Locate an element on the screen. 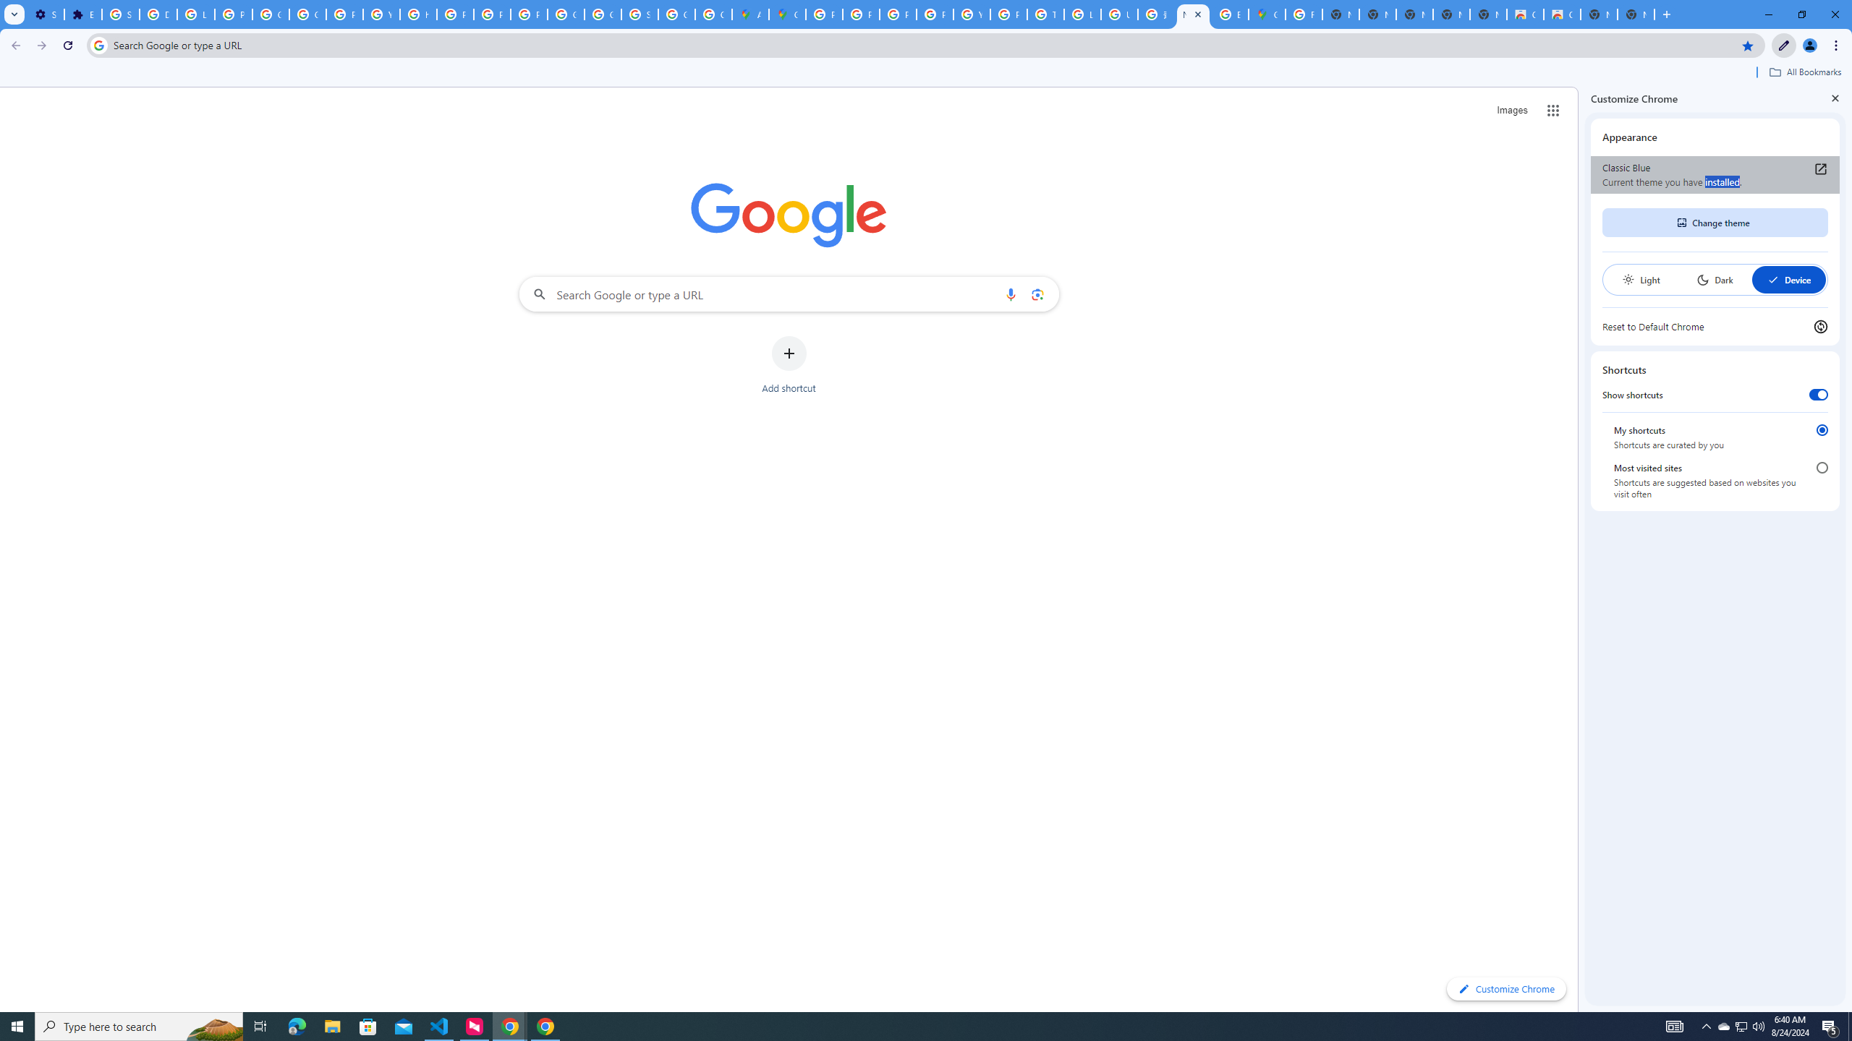 The image size is (1852, 1041). 'Explore new street-level details - Google Maps Help' is located at coordinates (1230, 14).